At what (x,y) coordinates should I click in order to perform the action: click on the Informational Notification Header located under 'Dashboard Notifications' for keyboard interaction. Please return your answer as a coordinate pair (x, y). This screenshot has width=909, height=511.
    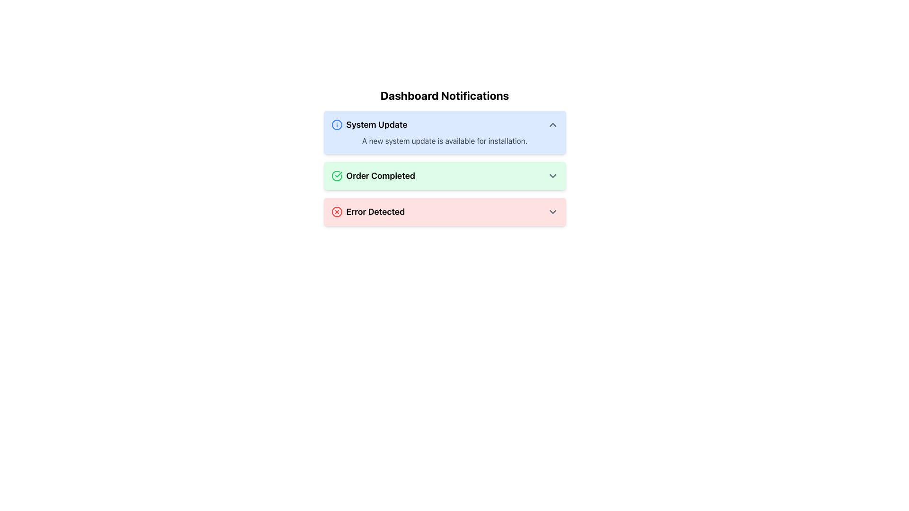
    Looking at the image, I should click on (369, 124).